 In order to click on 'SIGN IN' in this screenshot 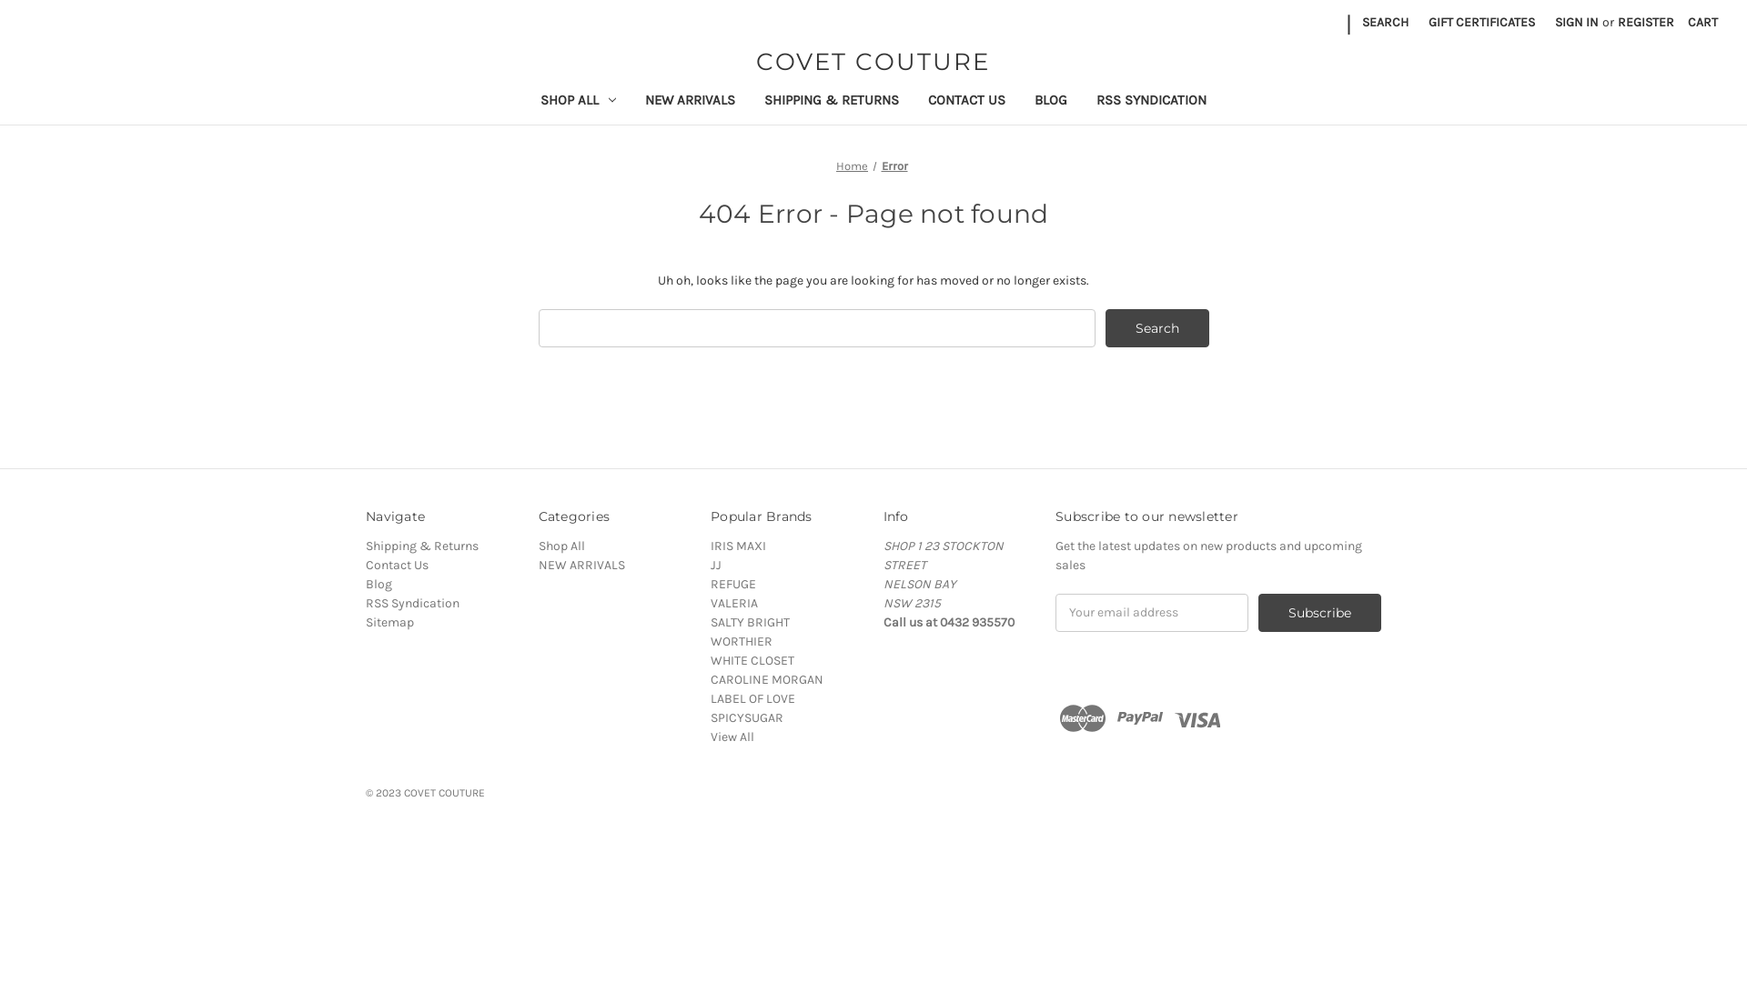, I will do `click(1575, 22)`.